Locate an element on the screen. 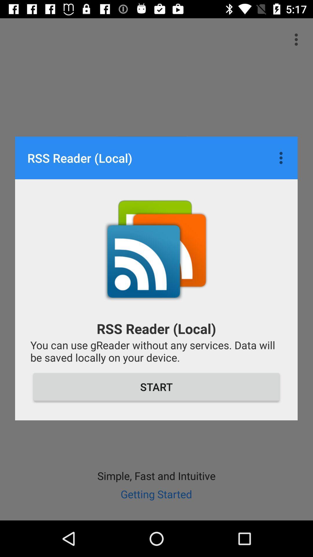  start item is located at coordinates (156, 387).